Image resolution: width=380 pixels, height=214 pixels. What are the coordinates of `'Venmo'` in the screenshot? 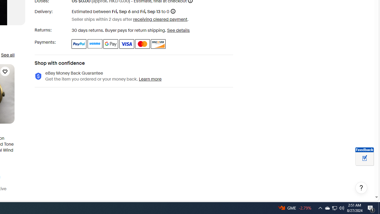 It's located at (95, 43).